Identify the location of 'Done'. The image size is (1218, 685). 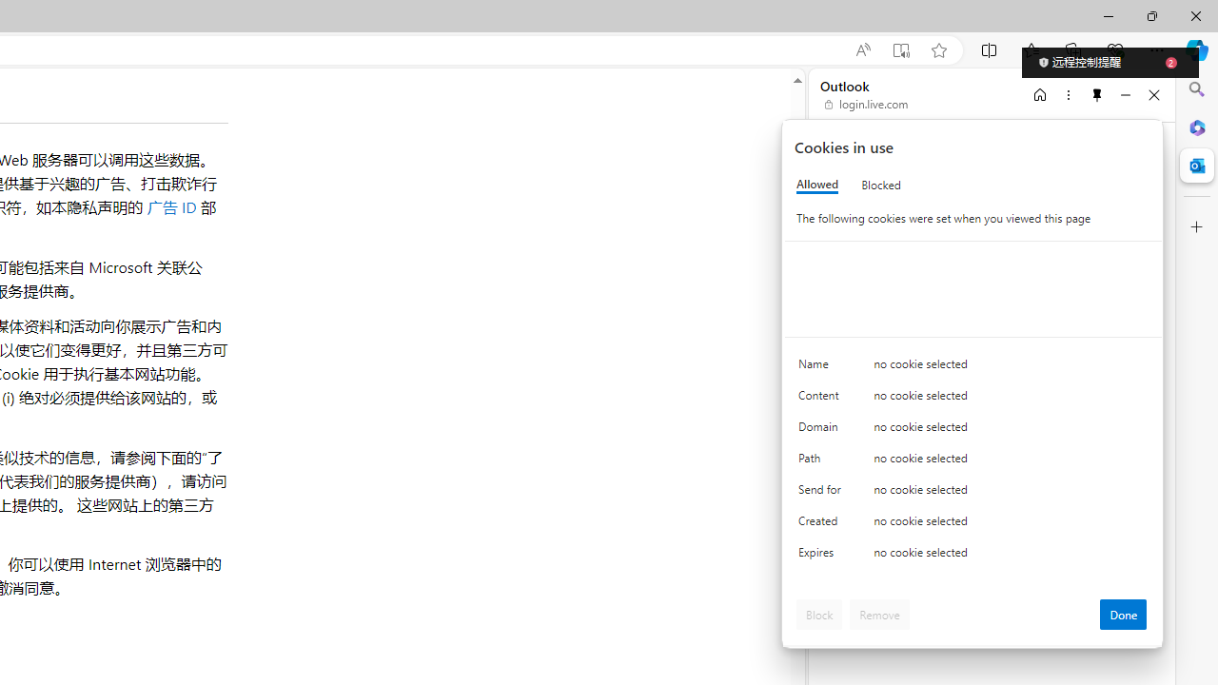
(1123, 614).